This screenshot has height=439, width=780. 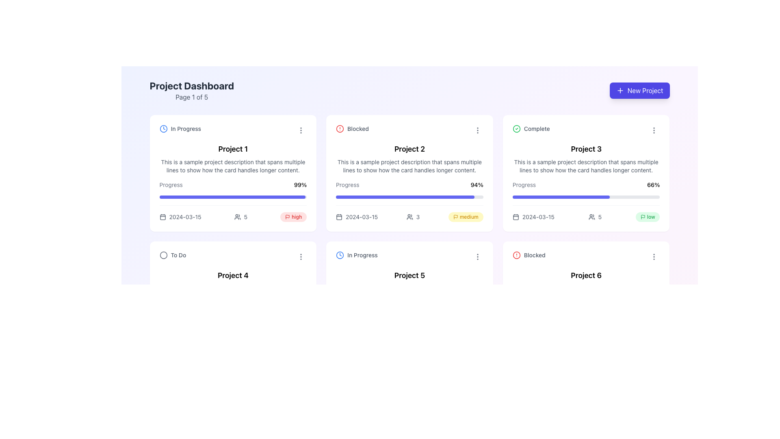 I want to click on the text label displaying '99%' which is styled with a font weight and is positioned to the right of the 'Progress' label in the first card of the grid layout, so click(x=300, y=185).